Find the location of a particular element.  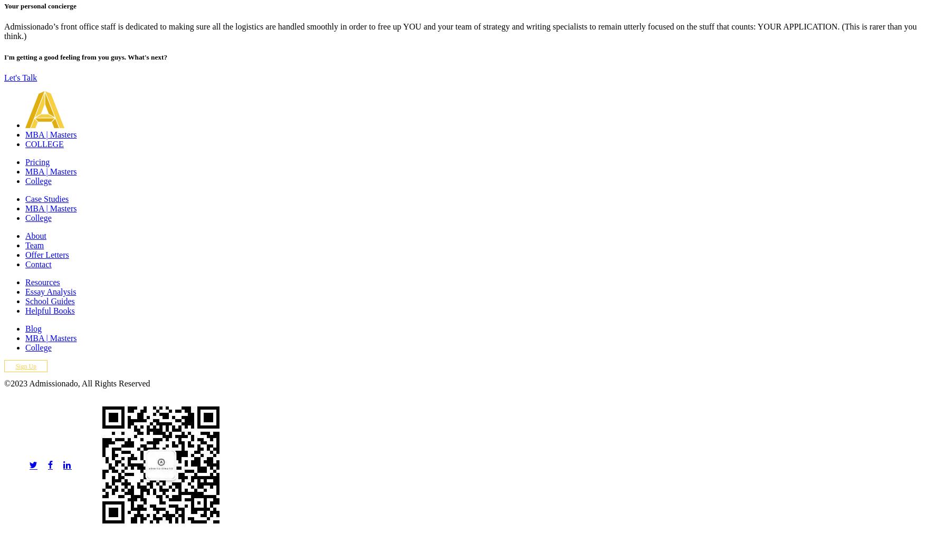

'Blog' is located at coordinates (33, 328).